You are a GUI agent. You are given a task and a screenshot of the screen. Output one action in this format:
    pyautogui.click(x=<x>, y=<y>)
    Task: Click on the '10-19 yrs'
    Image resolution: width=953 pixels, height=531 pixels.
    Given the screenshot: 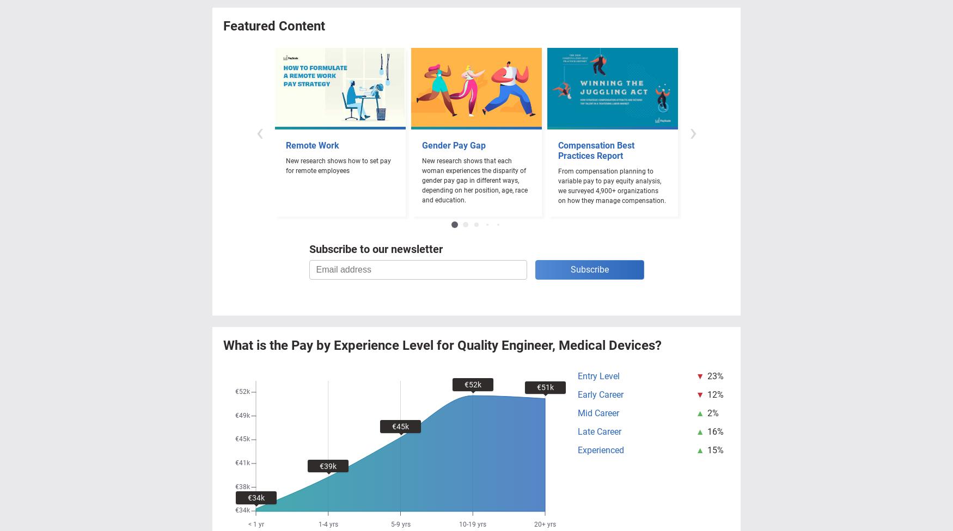 What is the action you would take?
    pyautogui.click(x=473, y=523)
    